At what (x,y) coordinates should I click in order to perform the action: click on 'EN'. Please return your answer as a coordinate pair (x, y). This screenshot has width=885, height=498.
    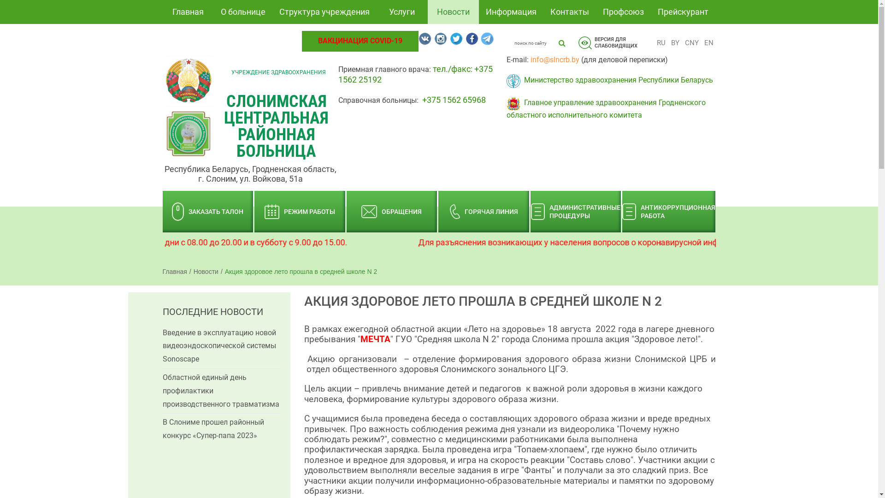
    Looking at the image, I should click on (701, 42).